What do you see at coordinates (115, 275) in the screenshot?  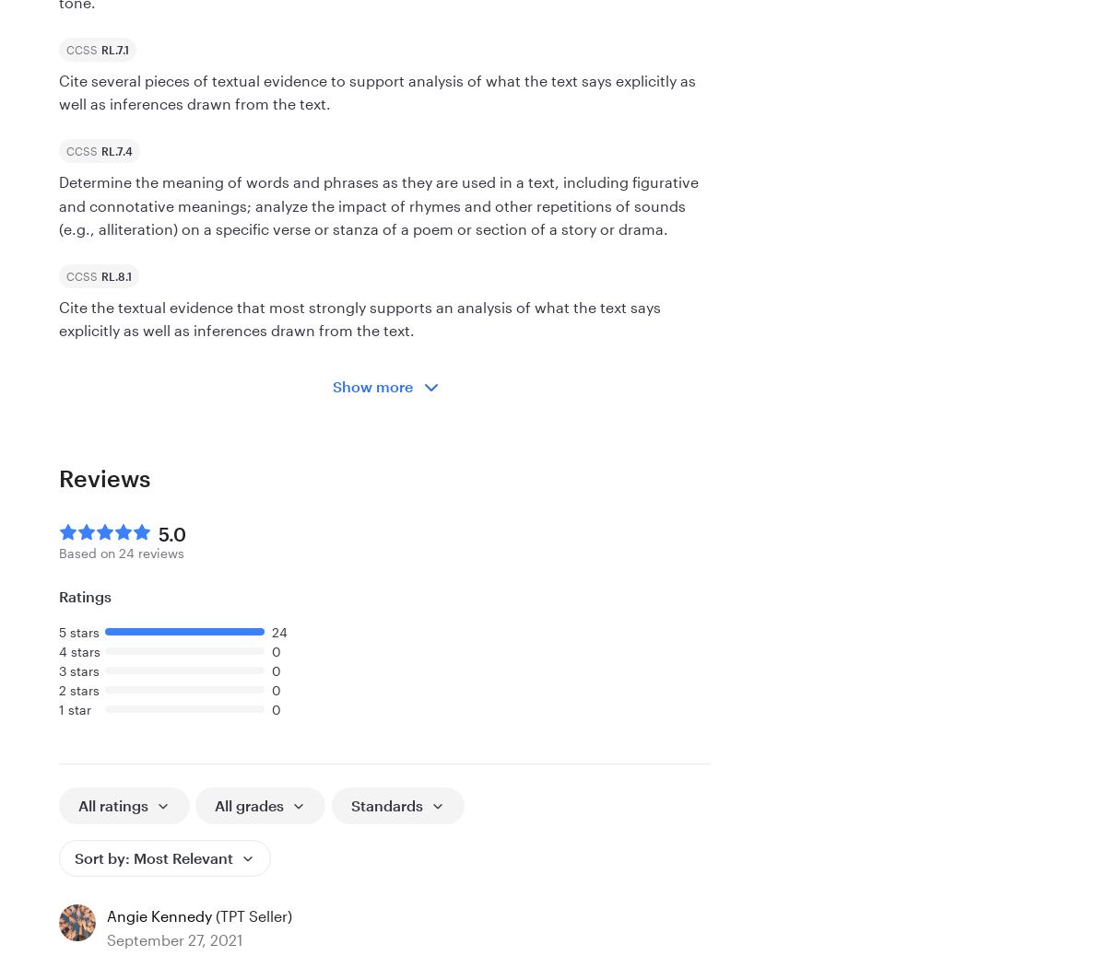 I see `'RL.8.1'` at bounding box center [115, 275].